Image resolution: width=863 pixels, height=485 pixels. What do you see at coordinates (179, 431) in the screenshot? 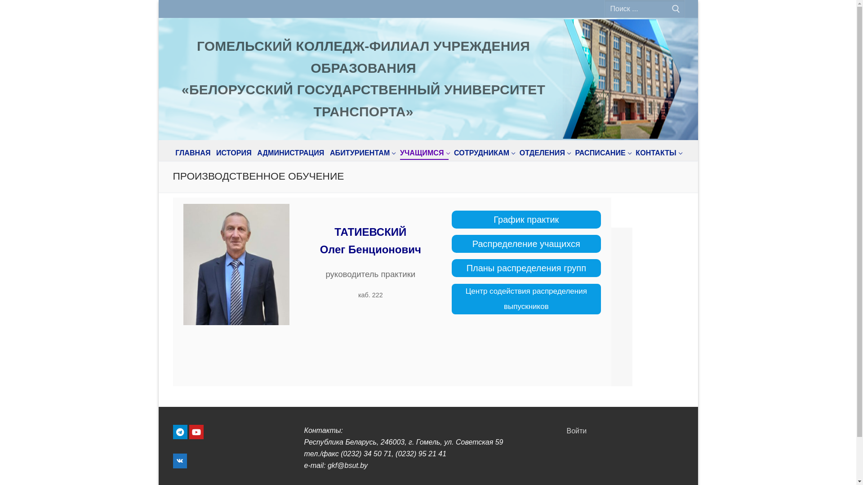
I see `'Telegram'` at bounding box center [179, 431].